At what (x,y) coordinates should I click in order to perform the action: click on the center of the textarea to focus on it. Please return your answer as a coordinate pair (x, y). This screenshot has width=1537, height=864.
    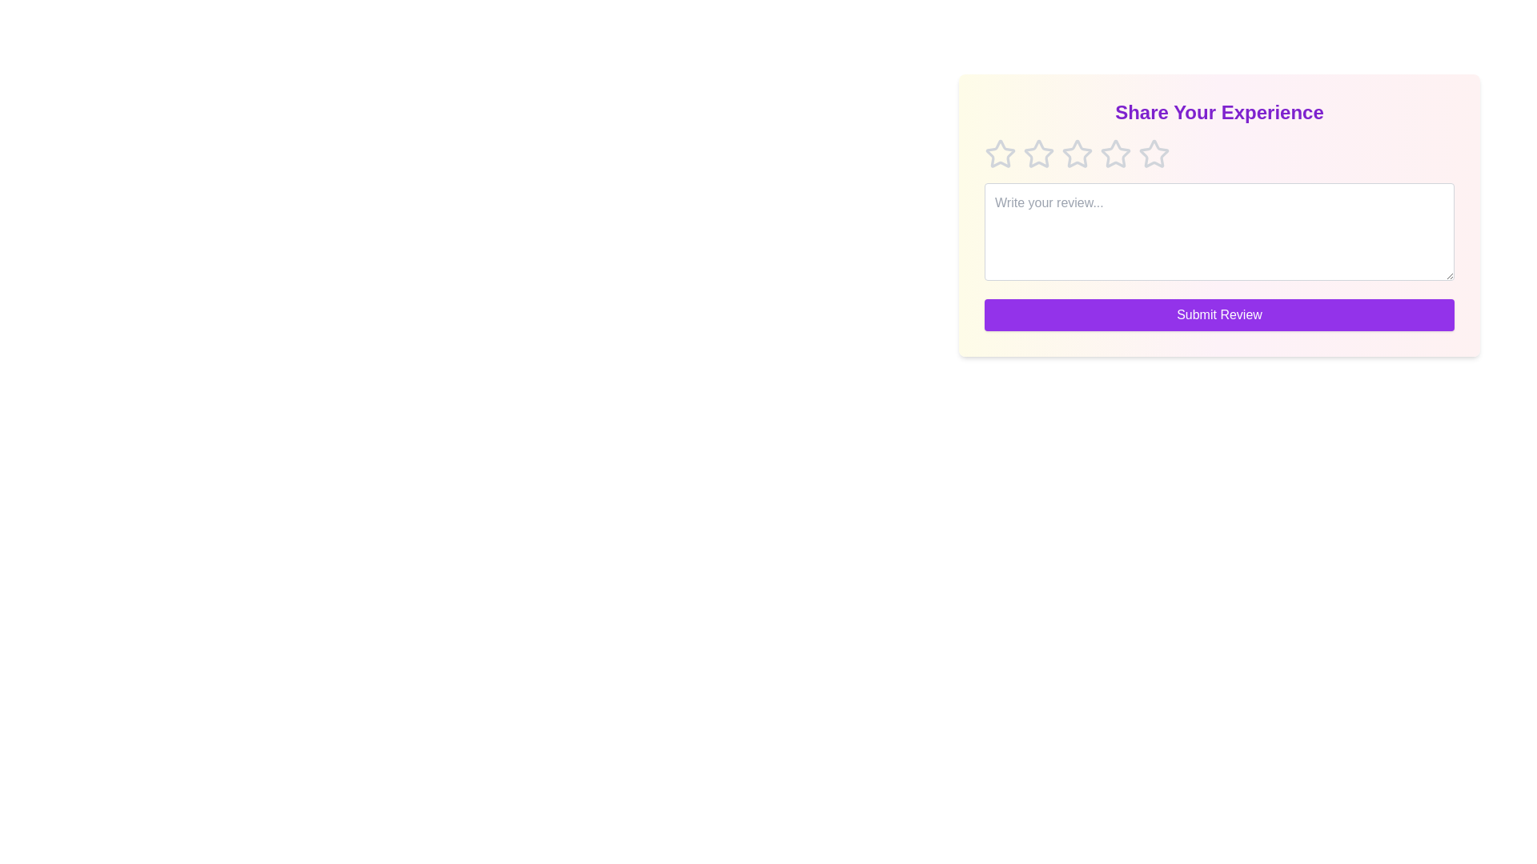
    Looking at the image, I should click on (1218, 231).